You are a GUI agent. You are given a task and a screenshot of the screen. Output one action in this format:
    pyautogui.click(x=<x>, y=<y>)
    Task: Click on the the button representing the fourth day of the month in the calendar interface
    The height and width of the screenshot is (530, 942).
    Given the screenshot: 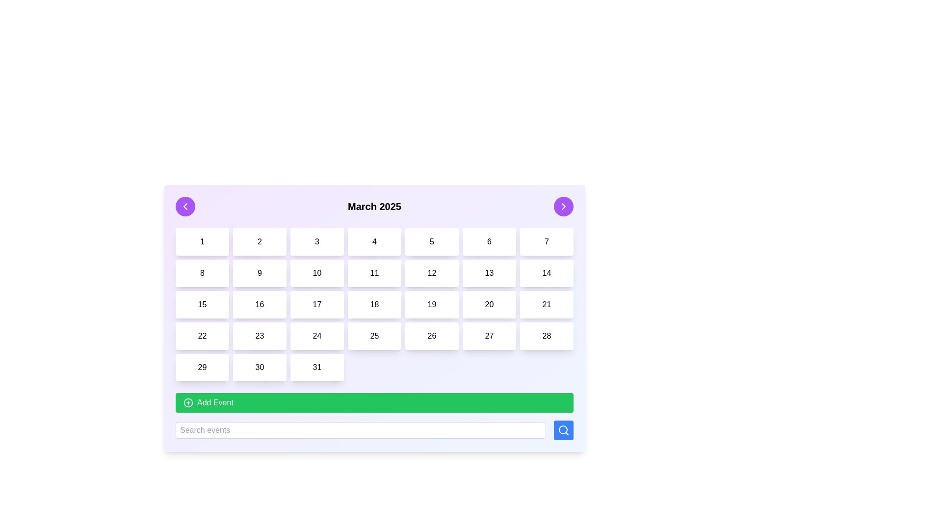 What is the action you would take?
    pyautogui.click(x=374, y=242)
    